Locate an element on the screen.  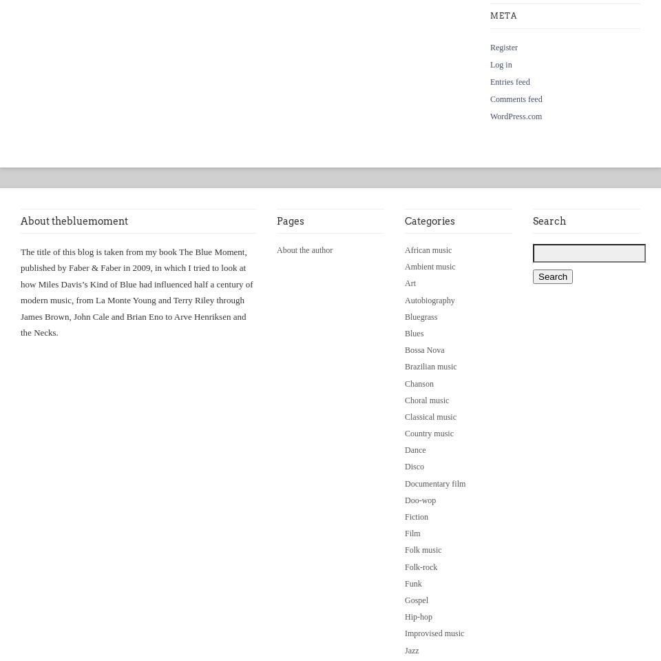
'Improvised music' is located at coordinates (405, 633).